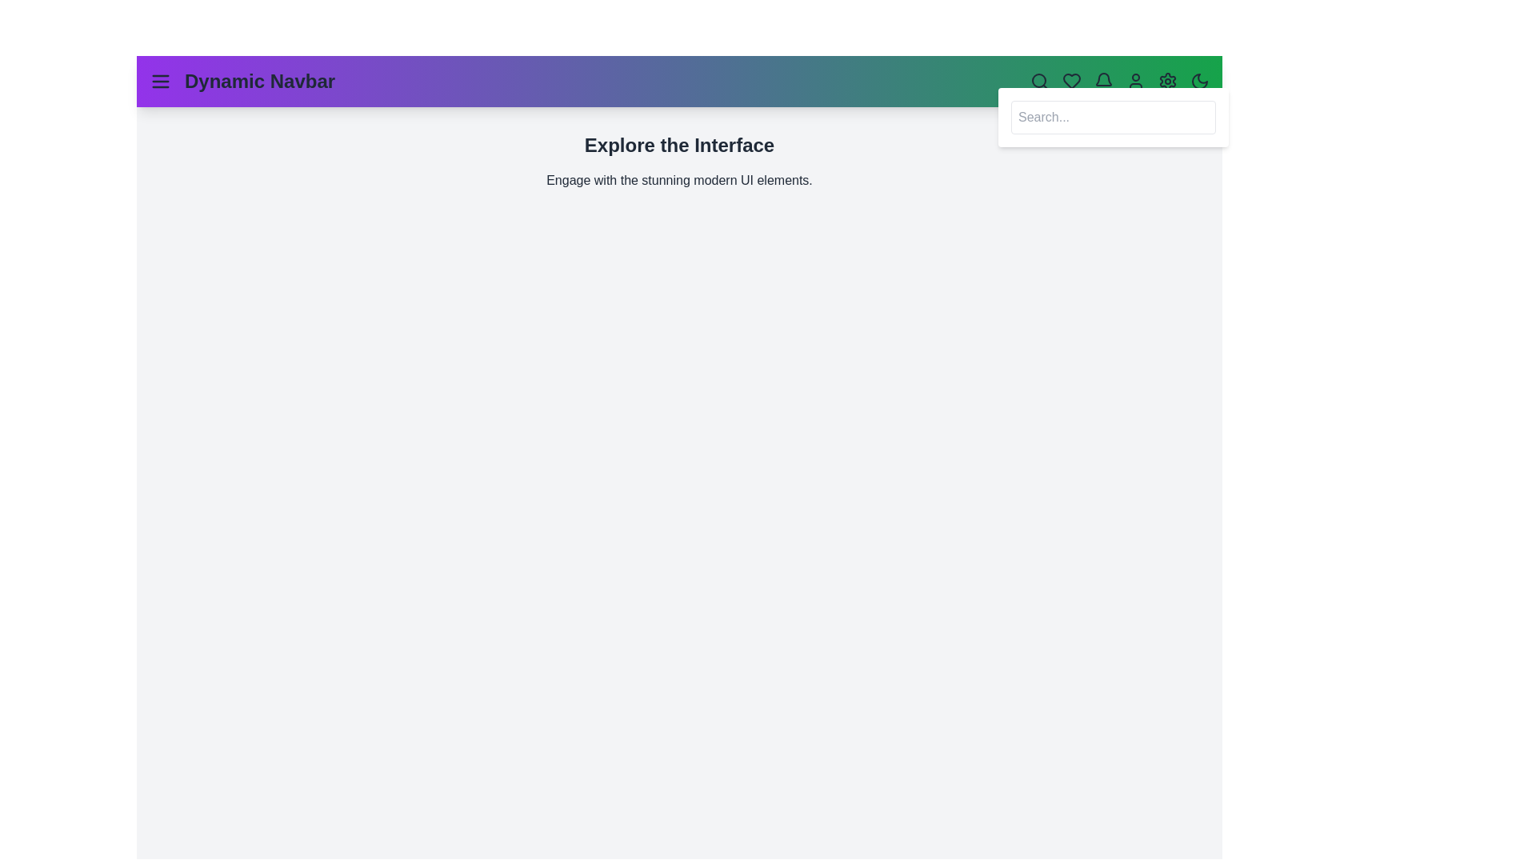 This screenshot has width=1536, height=864. Describe the element at coordinates (161, 81) in the screenshot. I see `the menu icon to open the navigation menu` at that location.